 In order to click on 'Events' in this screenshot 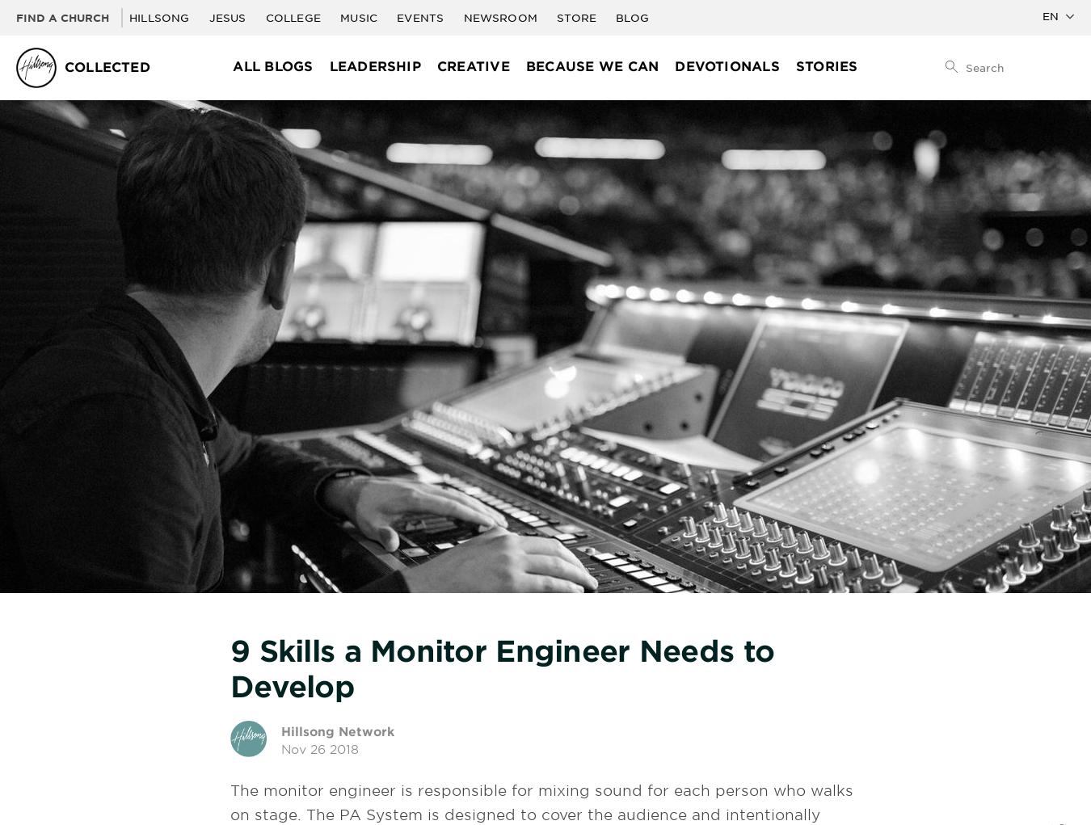, I will do `click(421, 17)`.